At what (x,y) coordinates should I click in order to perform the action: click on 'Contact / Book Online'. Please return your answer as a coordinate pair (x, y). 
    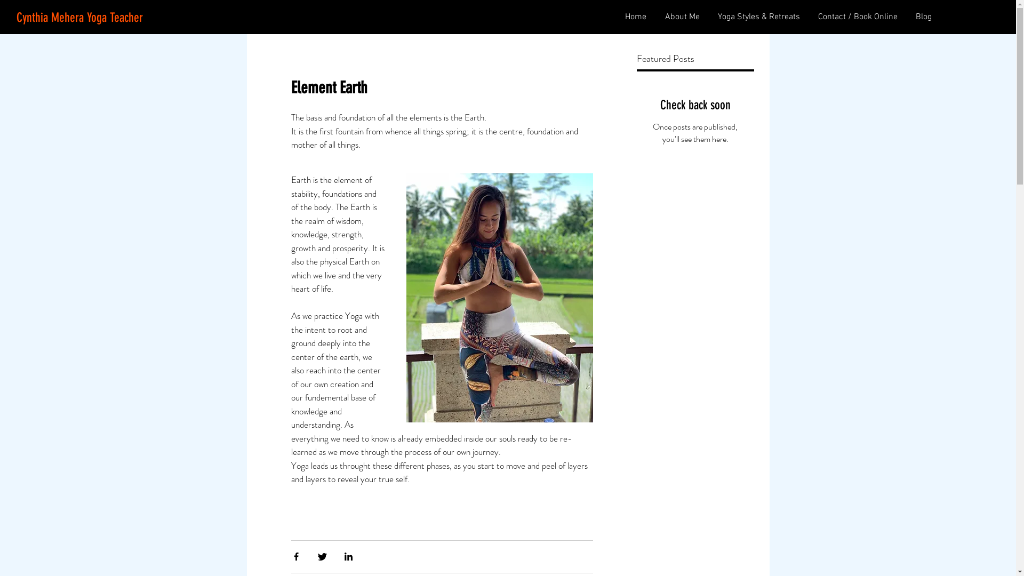
    Looking at the image, I should click on (808, 17).